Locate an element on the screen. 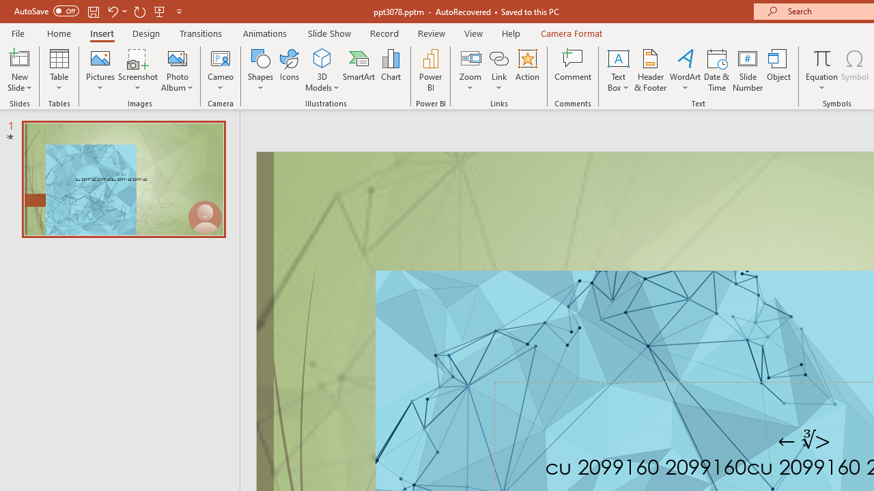 The image size is (874, 491). 'Action' is located at coordinates (527, 70).